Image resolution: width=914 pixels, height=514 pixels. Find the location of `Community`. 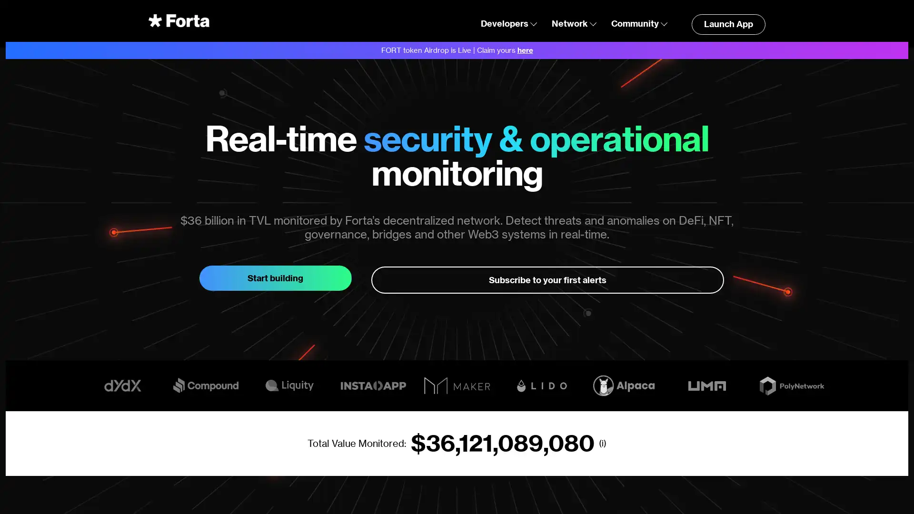

Community is located at coordinates (639, 23).